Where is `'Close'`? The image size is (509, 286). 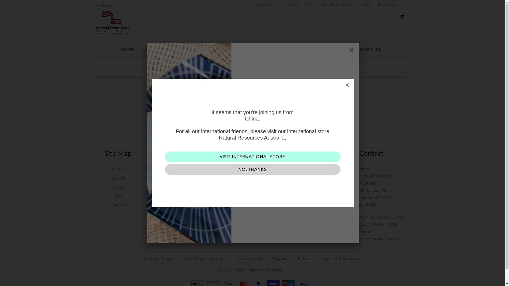 'Close' is located at coordinates (346, 50).